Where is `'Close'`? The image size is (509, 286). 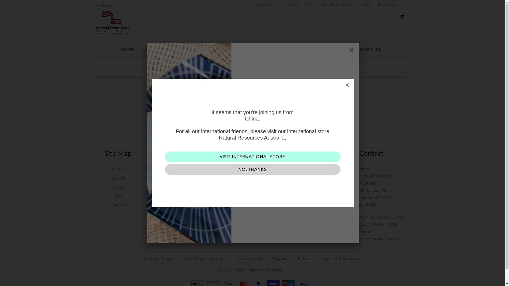 'Close' is located at coordinates (346, 50).